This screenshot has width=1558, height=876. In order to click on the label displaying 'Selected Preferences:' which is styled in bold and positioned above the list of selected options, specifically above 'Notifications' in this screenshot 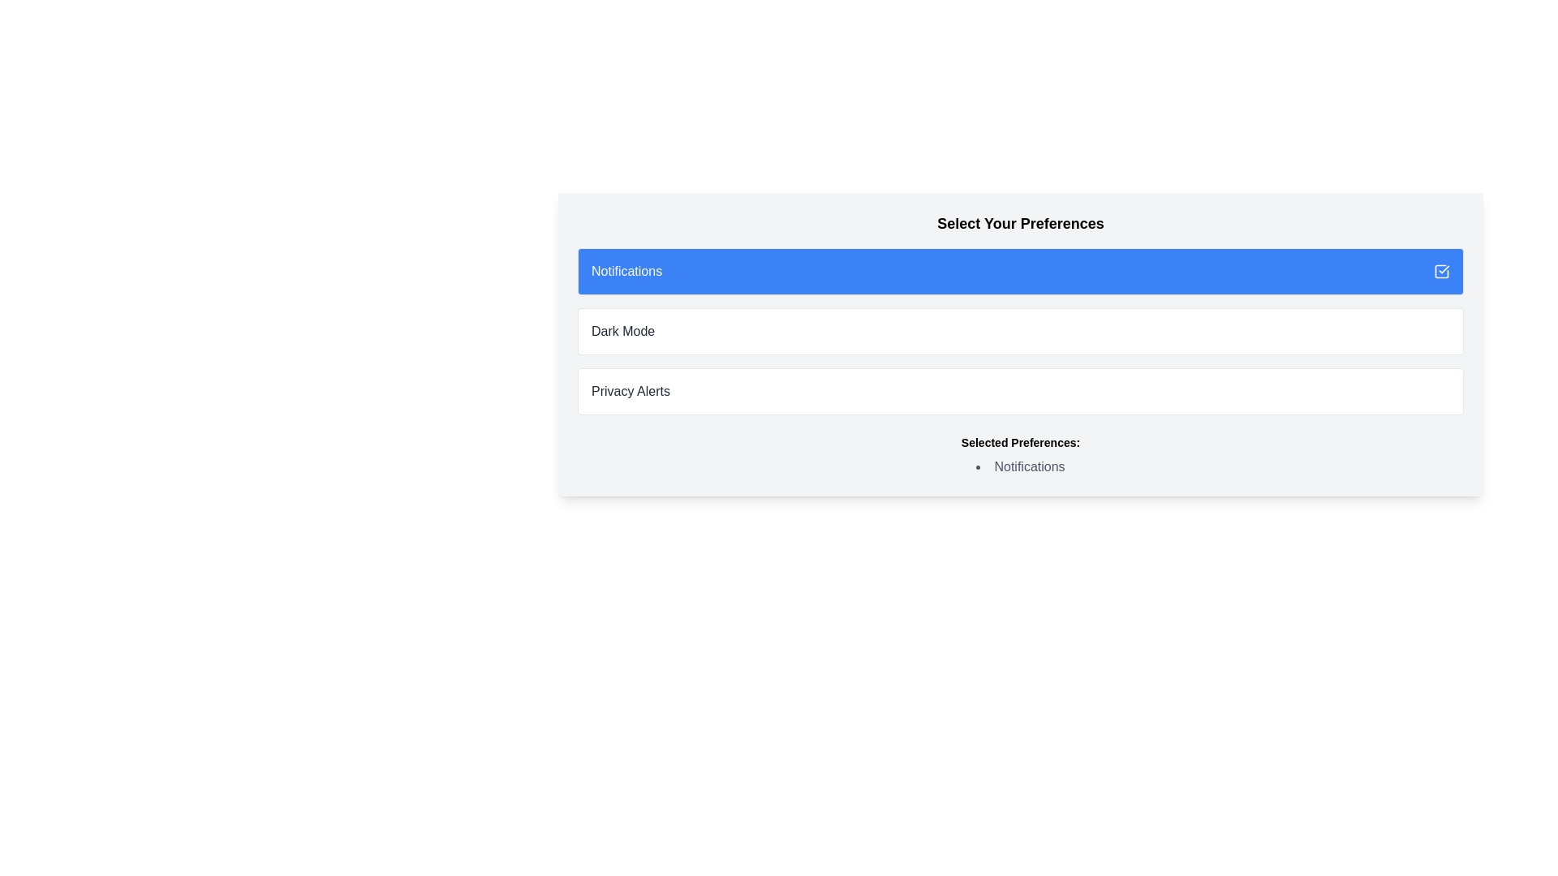, I will do `click(1019, 443)`.